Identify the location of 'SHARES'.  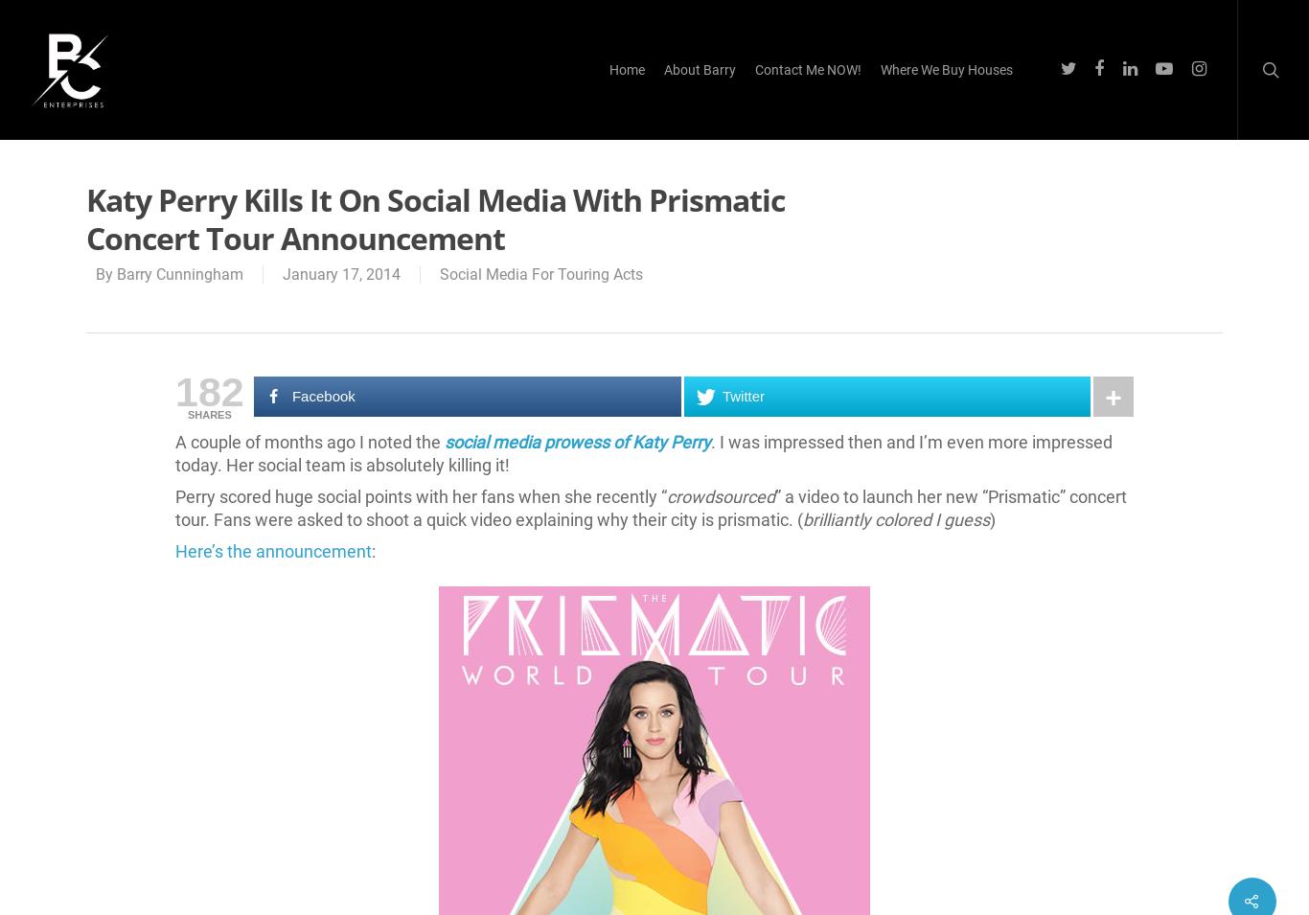
(186, 413).